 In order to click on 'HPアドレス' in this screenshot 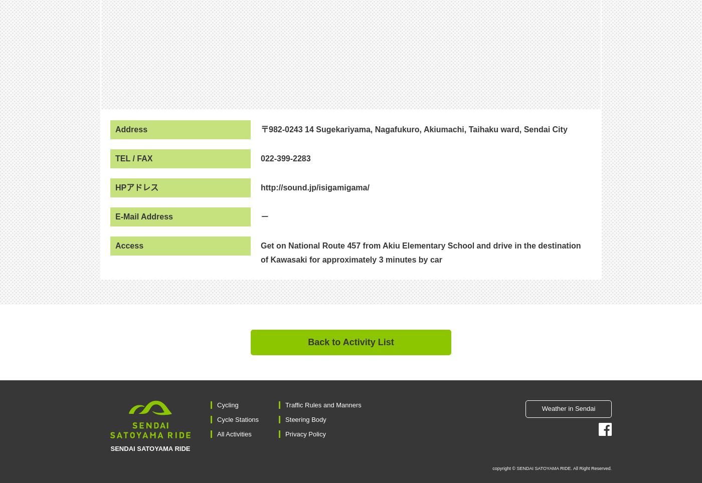, I will do `click(137, 187)`.